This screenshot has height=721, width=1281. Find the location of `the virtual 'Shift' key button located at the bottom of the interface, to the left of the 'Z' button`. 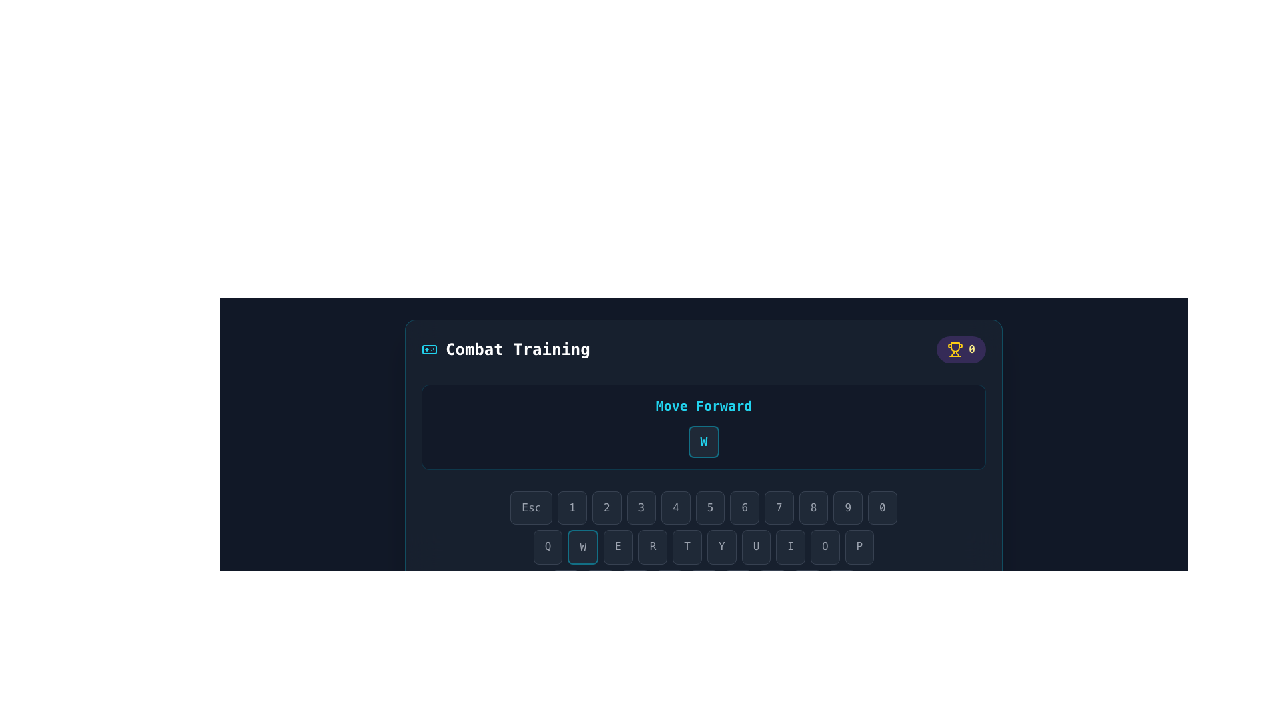

the virtual 'Shift' key button located at the bottom of the interface, to the left of the 'Z' button is located at coordinates (542, 626).